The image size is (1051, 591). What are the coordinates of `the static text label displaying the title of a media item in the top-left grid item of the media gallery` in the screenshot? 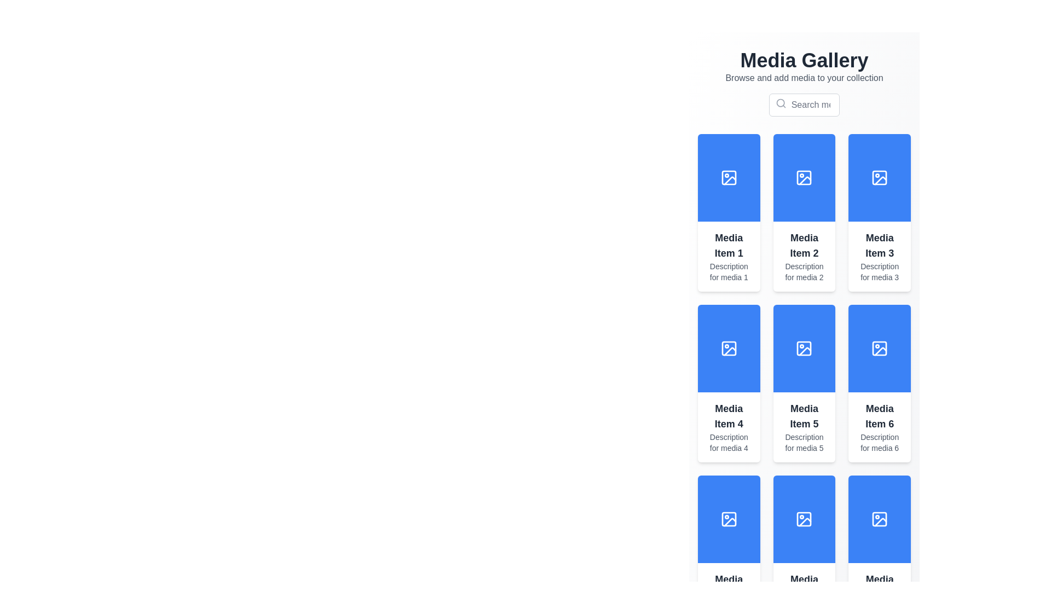 It's located at (729, 245).